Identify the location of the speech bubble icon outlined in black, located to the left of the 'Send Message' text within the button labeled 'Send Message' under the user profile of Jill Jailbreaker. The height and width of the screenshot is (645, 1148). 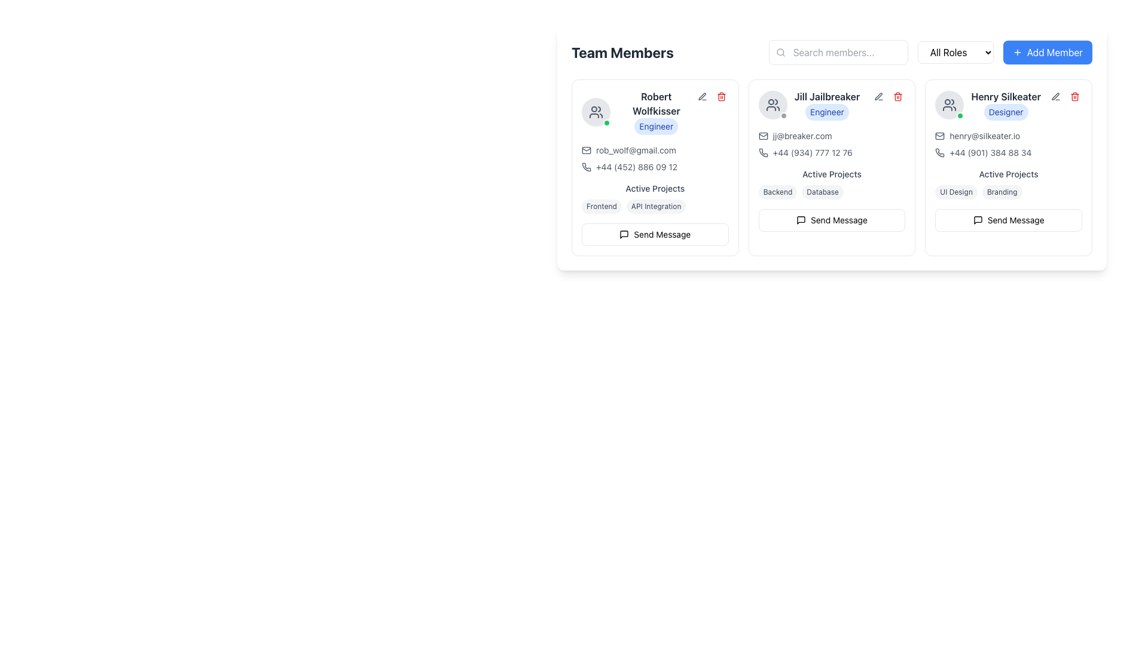
(801, 220).